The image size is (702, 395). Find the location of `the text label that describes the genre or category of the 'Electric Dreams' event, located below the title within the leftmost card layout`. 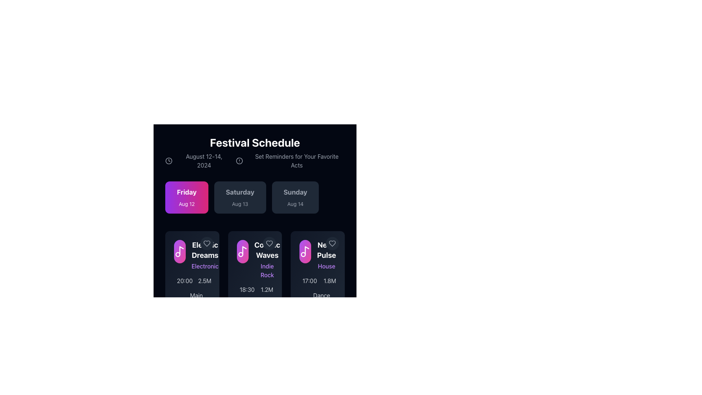

the text label that describes the genre or category of the 'Electric Dreams' event, located below the title within the leftmost card layout is located at coordinates (205, 266).